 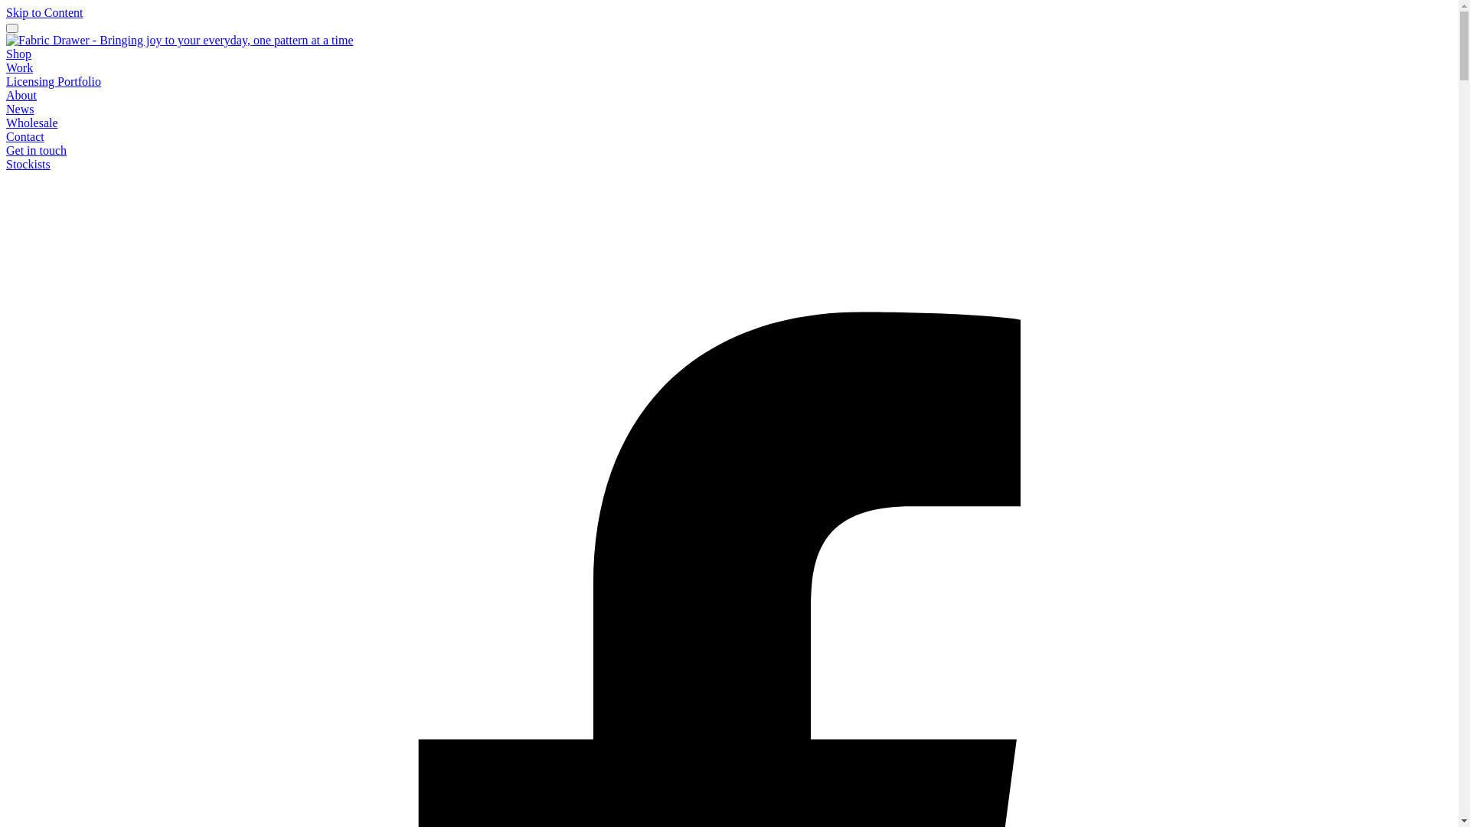 I want to click on 'Skip to Content', so click(x=44, y=12).